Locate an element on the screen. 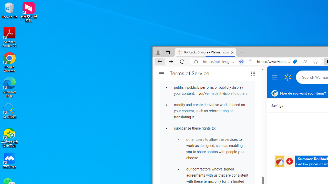 The width and height of the screenshot is (328, 184). 'Menu' is located at coordinates (275, 77).